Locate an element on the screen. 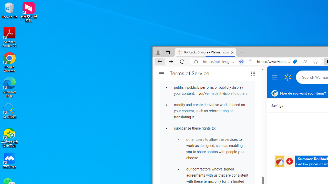 The width and height of the screenshot is (328, 184). 'Menu' is located at coordinates (275, 77).